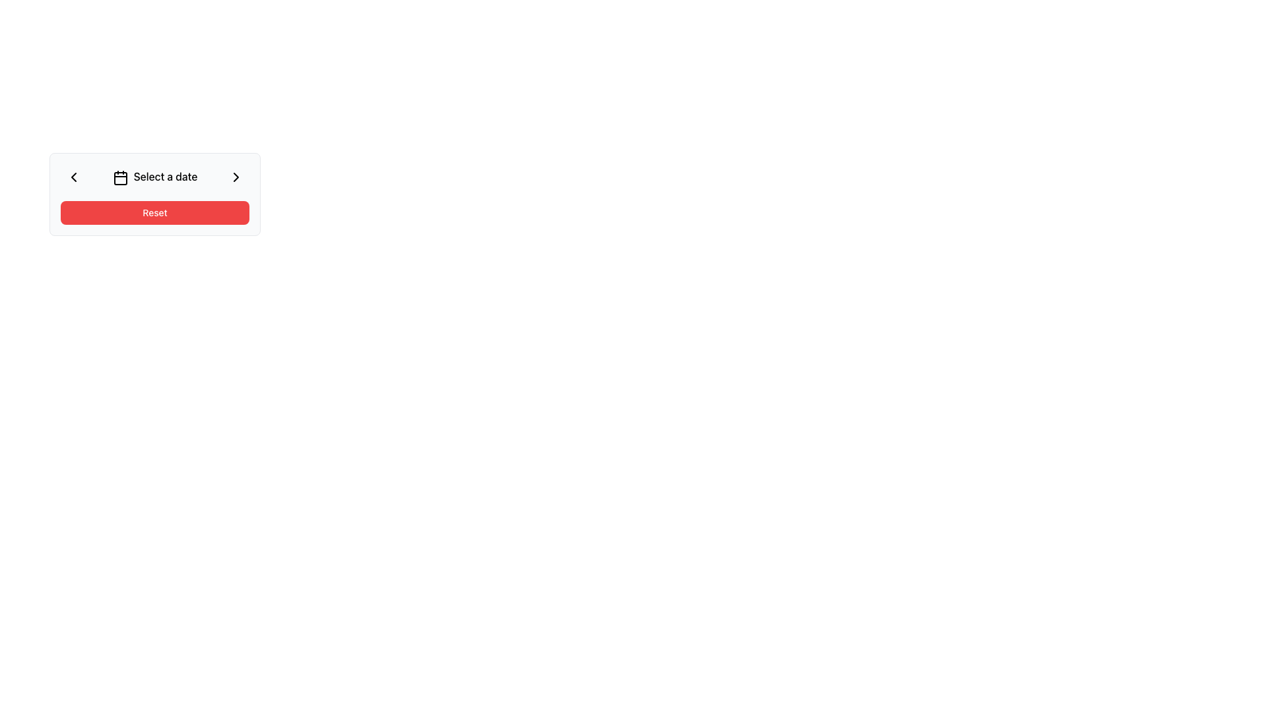 This screenshot has width=1267, height=712. Describe the element at coordinates (236, 177) in the screenshot. I see `the button with a right-pointing chevron, which is the rightmost element in the group containing 'Select a date' and a left chevron button` at that location.